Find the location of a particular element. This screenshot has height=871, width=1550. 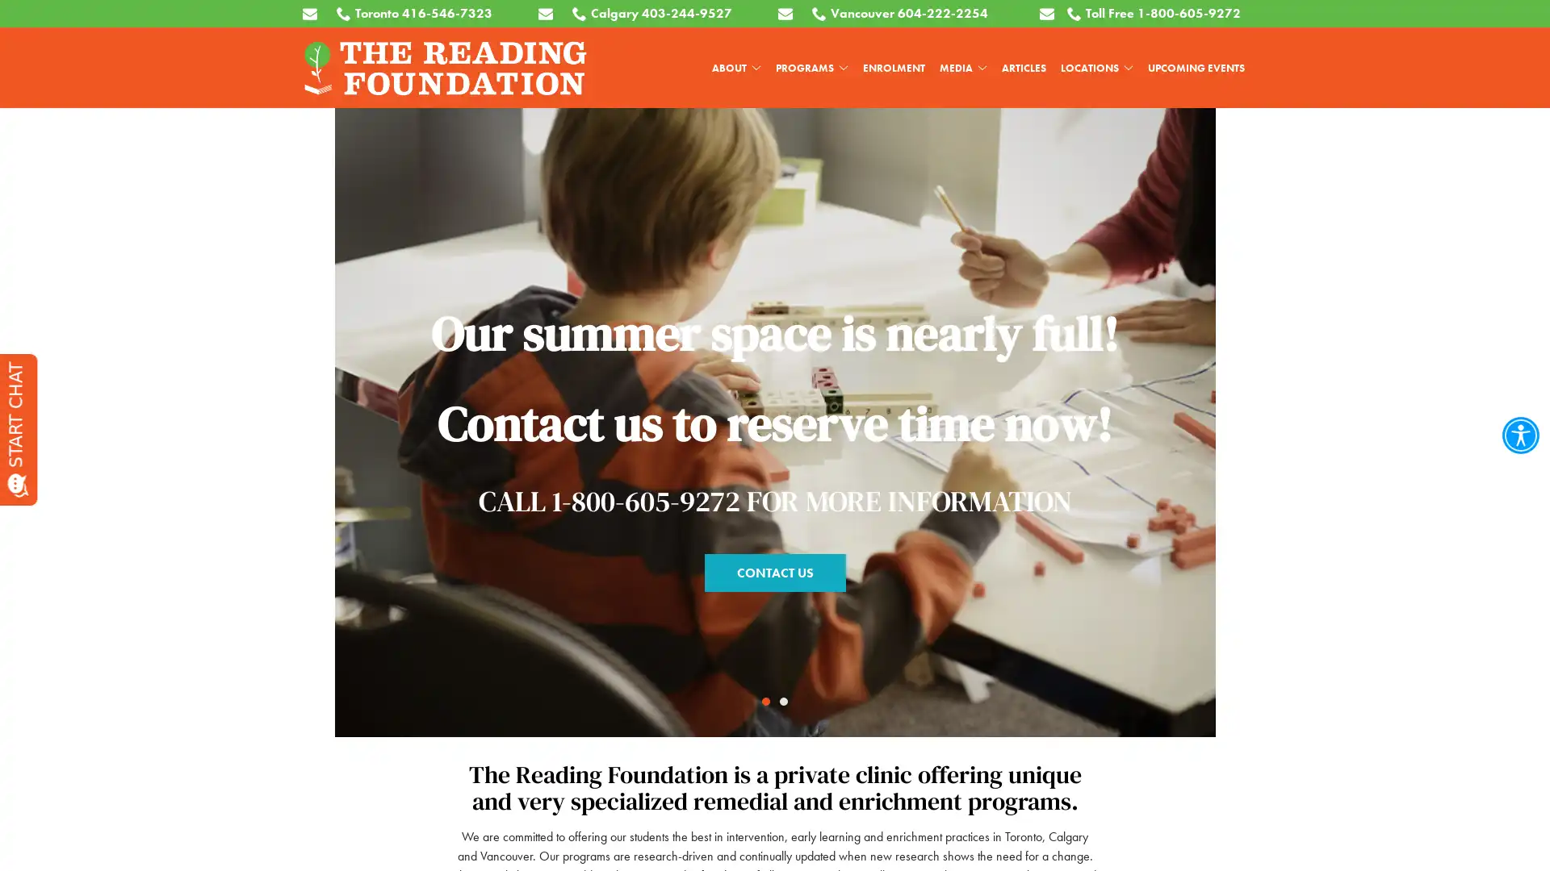

Next is located at coordinates (1503, 391).